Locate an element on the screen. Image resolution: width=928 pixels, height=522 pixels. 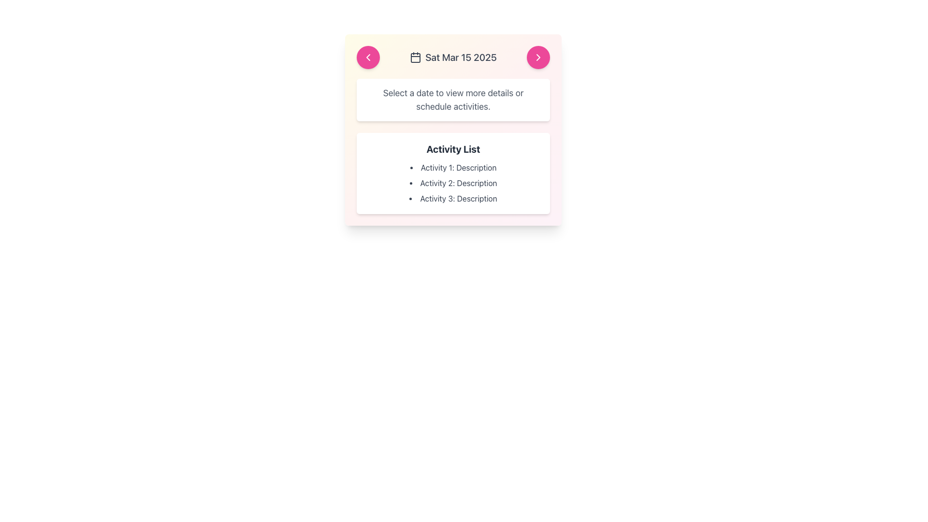
the calendar SVG icon located at the top-left corner of the card component, preceding the text 'Sat Mar 15 2025' is located at coordinates (416, 58).